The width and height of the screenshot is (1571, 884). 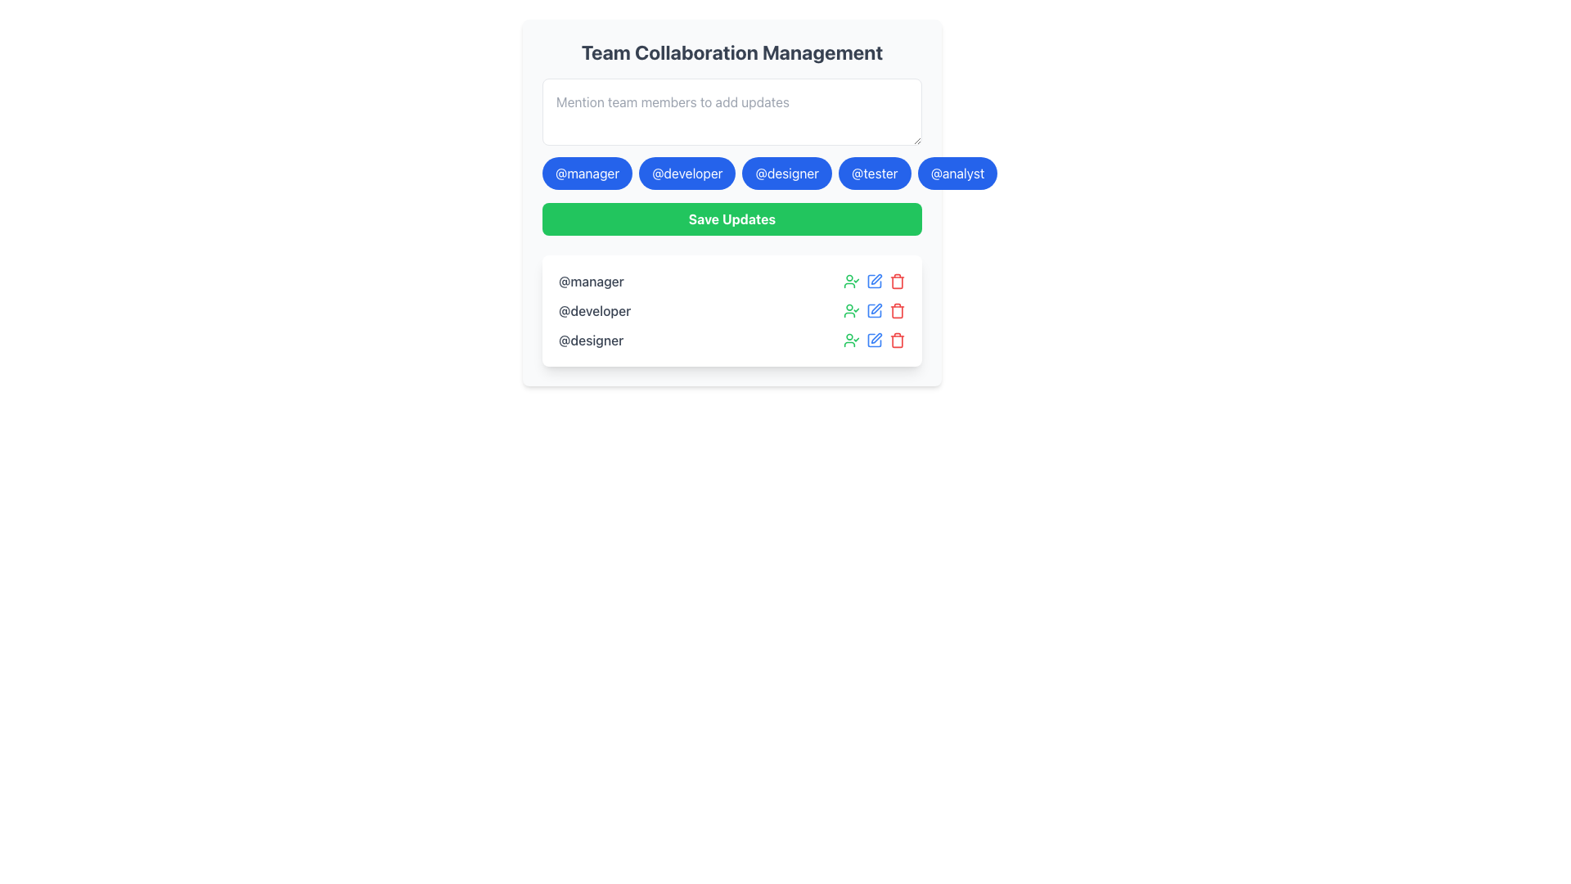 I want to click on the third button representing the '@designer' role, so click(x=786, y=174).